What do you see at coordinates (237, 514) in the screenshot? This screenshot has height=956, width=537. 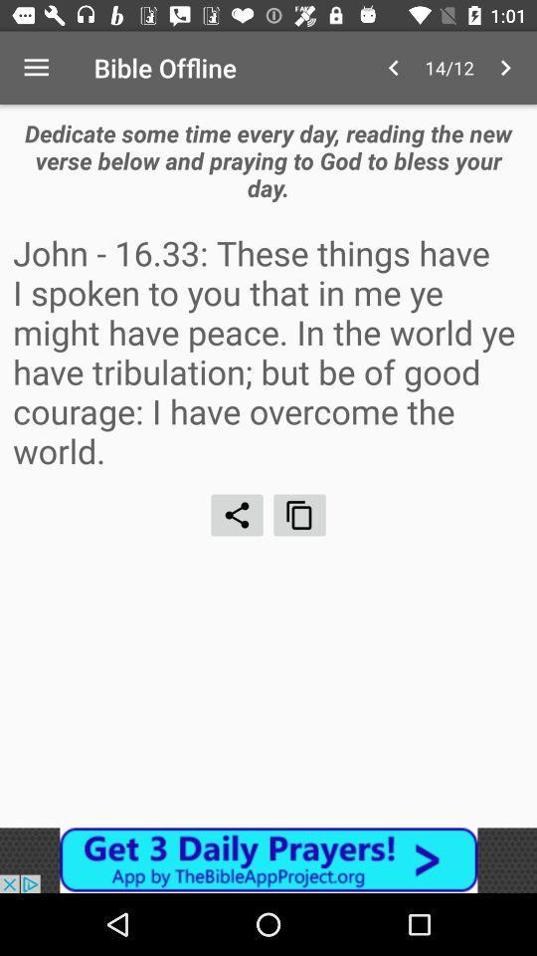 I see `share the bible quotes` at bounding box center [237, 514].